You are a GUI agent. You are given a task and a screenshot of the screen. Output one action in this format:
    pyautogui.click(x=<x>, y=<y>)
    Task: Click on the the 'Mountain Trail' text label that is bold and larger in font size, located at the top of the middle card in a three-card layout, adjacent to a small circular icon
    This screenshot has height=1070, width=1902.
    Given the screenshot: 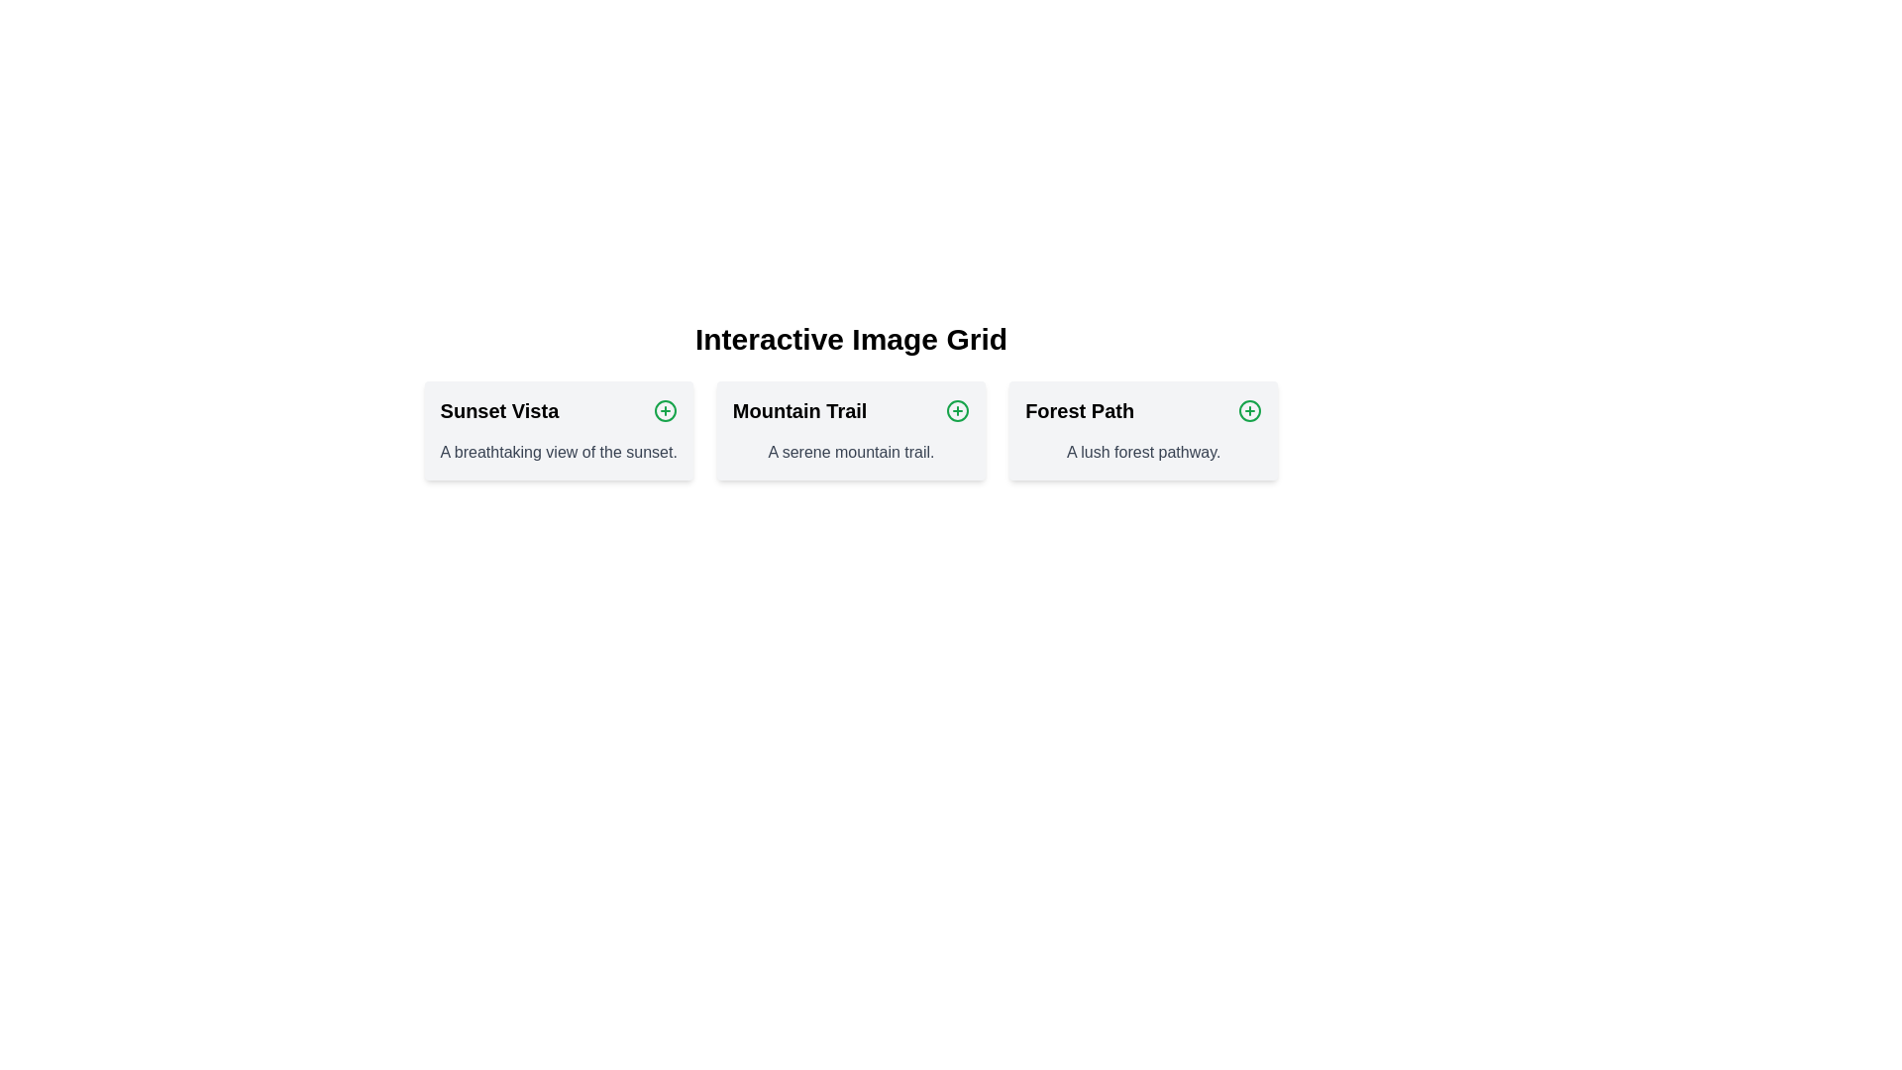 What is the action you would take?
    pyautogui.click(x=851, y=410)
    